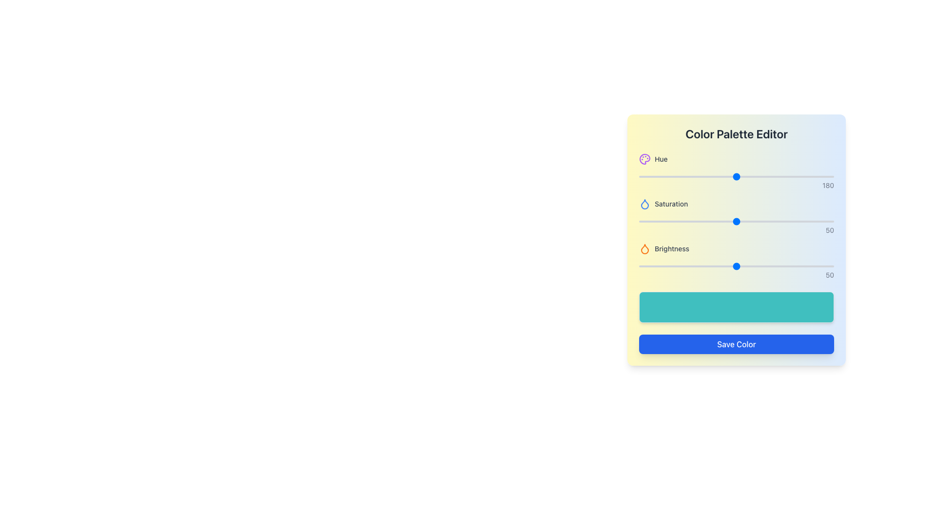 This screenshot has height=526, width=936. What do you see at coordinates (698, 176) in the screenshot?
I see `hue` at bounding box center [698, 176].